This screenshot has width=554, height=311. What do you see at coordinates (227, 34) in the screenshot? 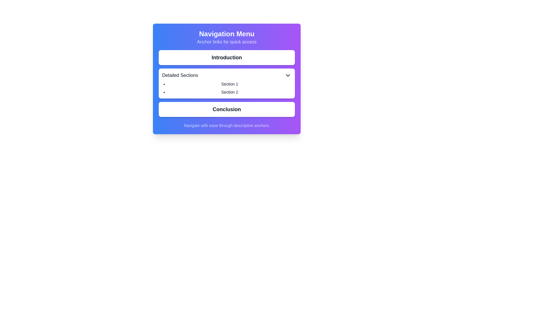
I see `the 'Navigation Menu' header element` at bounding box center [227, 34].